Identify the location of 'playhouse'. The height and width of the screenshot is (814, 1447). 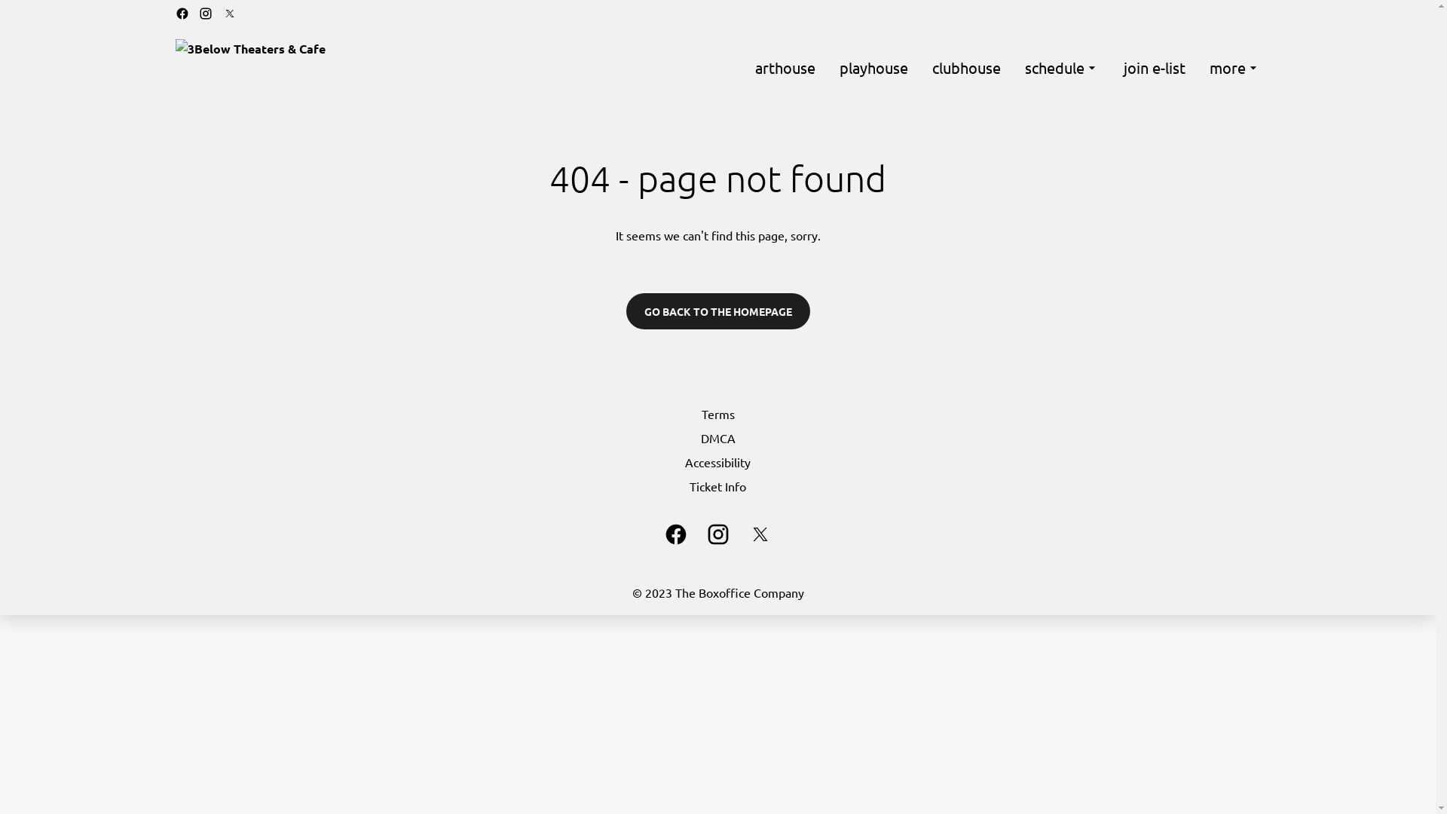
(873, 66).